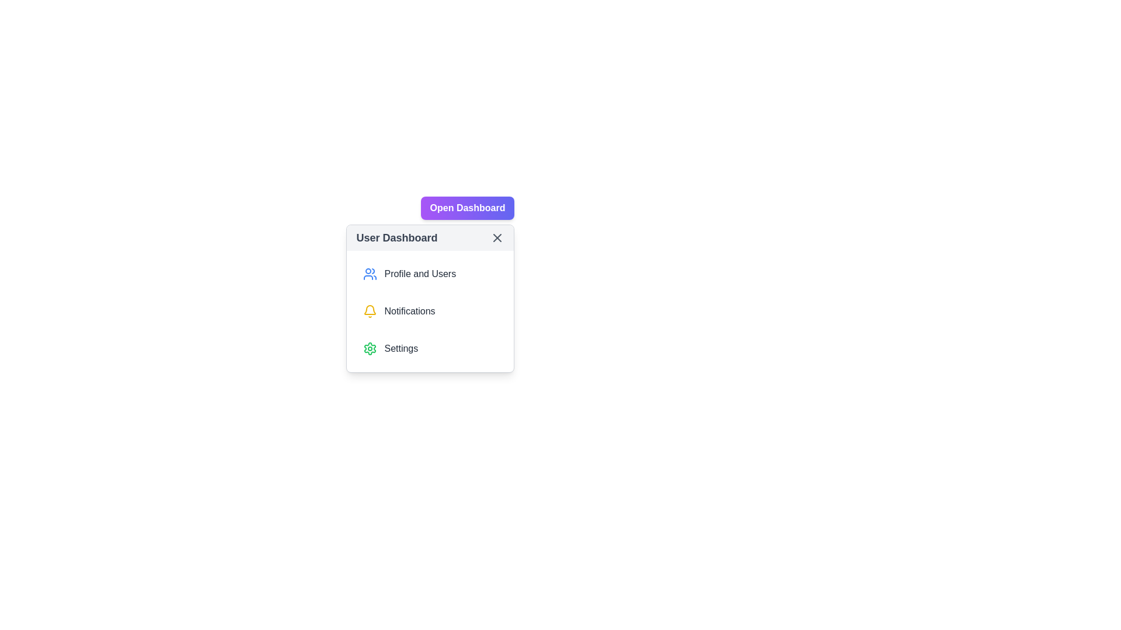 The width and height of the screenshot is (1121, 630). Describe the element at coordinates (430, 237) in the screenshot. I see `title 'User Dashboard' from the header bar of the dropdown menu, which includes a close icon and is positioned at the top of the panel` at that location.